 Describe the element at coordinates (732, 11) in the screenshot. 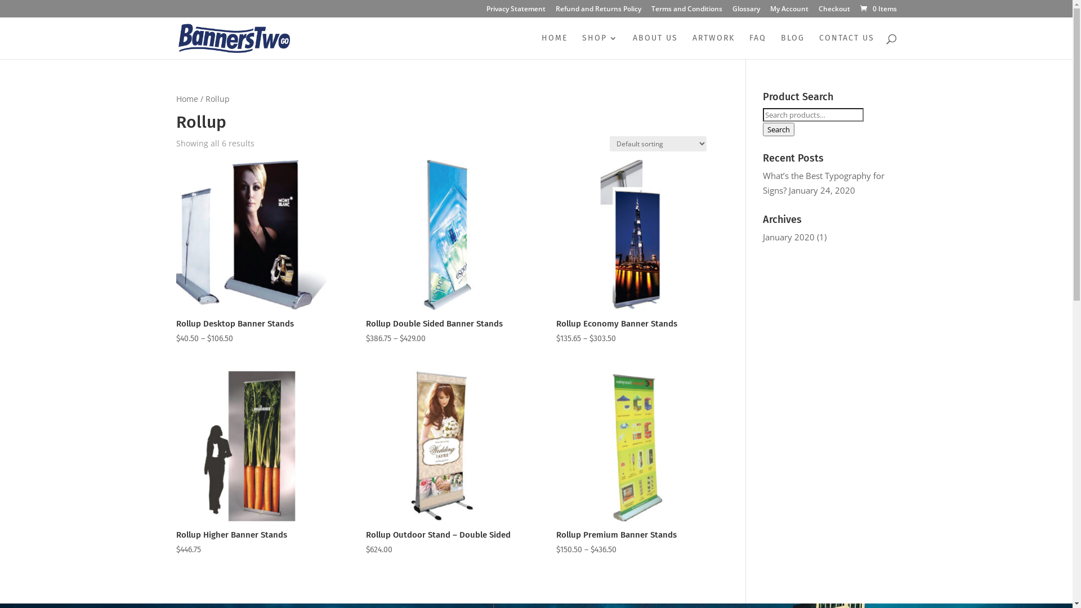

I see `'Glossary'` at that location.